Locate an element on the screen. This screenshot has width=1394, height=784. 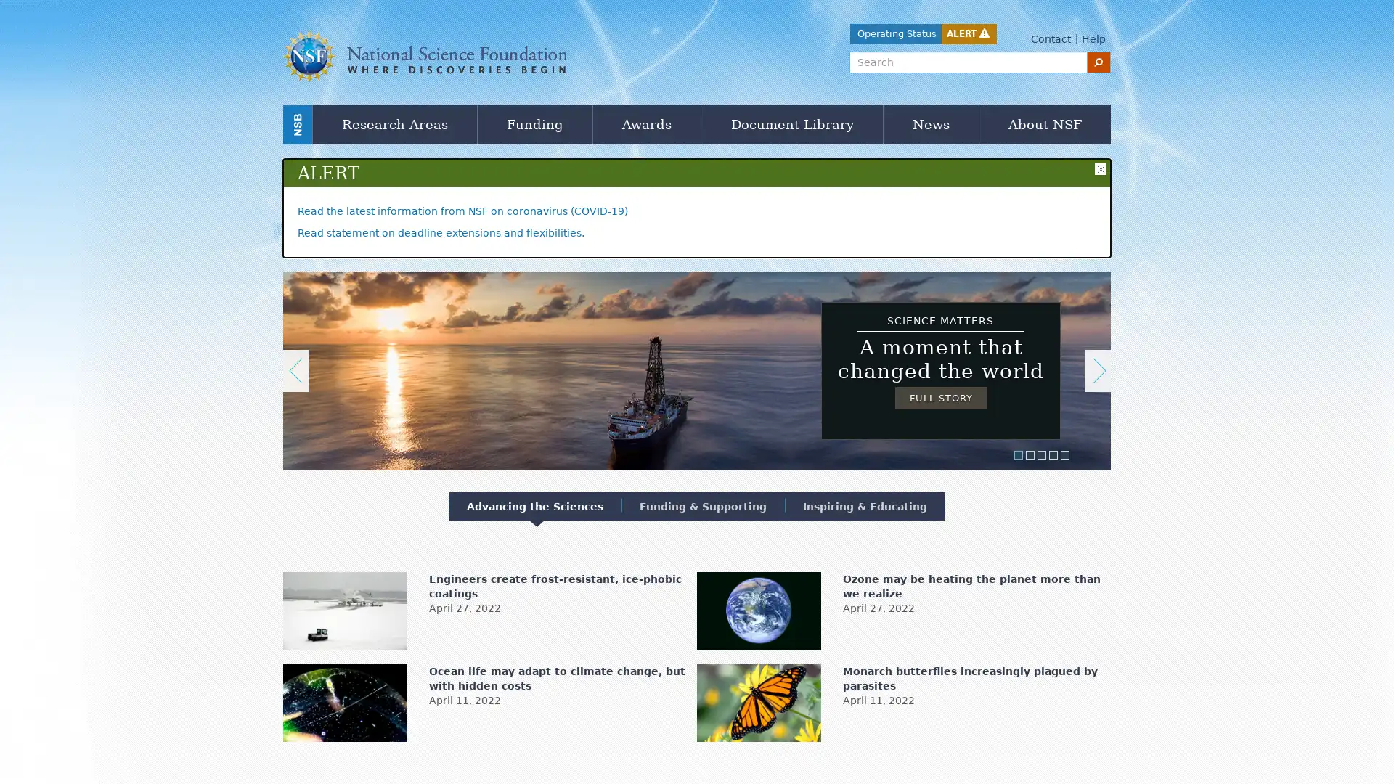
Pause Carousel is located at coordinates (289, 274).